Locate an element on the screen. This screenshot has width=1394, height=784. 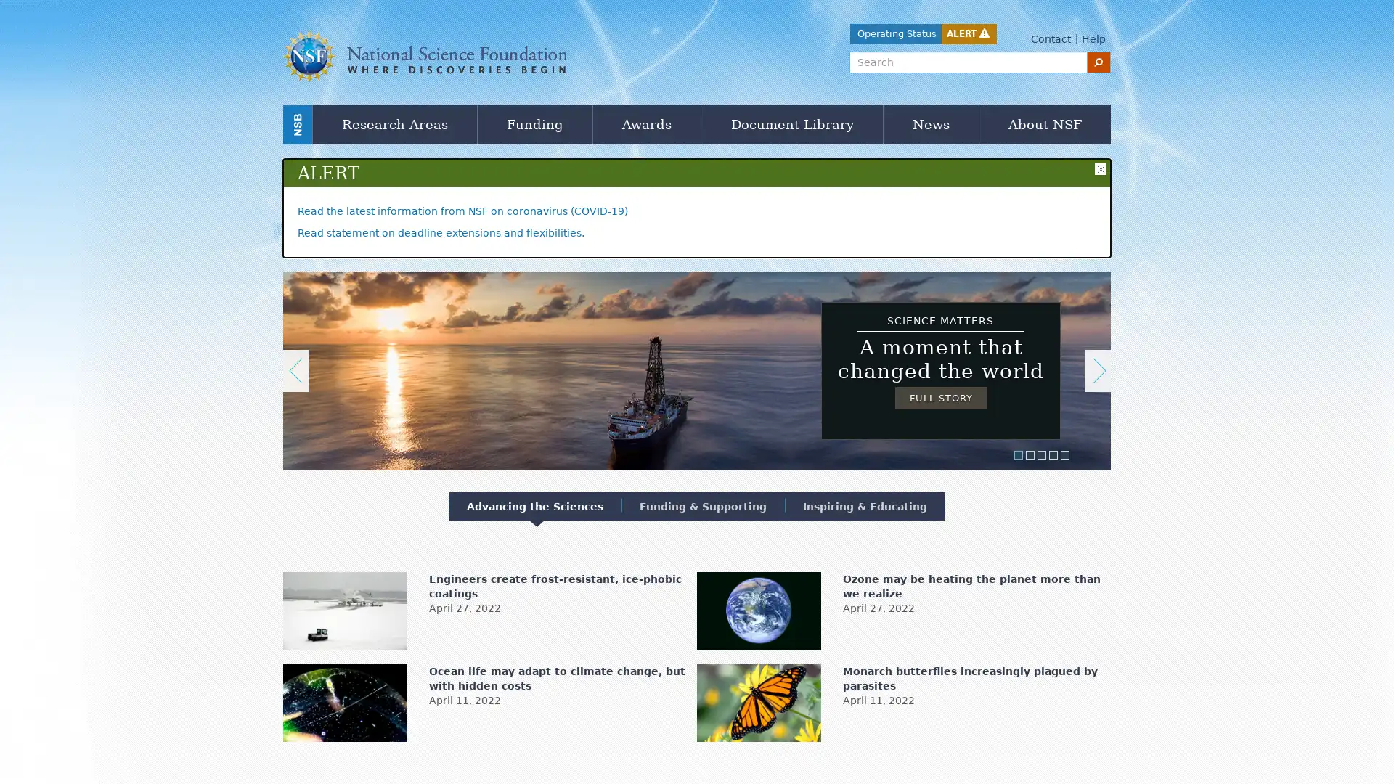
Pause Carousel is located at coordinates (289, 274).